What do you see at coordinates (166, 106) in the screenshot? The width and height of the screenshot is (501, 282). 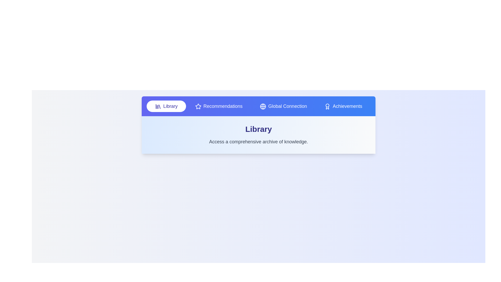 I see `the tab labeled Library to switch to the corresponding view` at bounding box center [166, 106].